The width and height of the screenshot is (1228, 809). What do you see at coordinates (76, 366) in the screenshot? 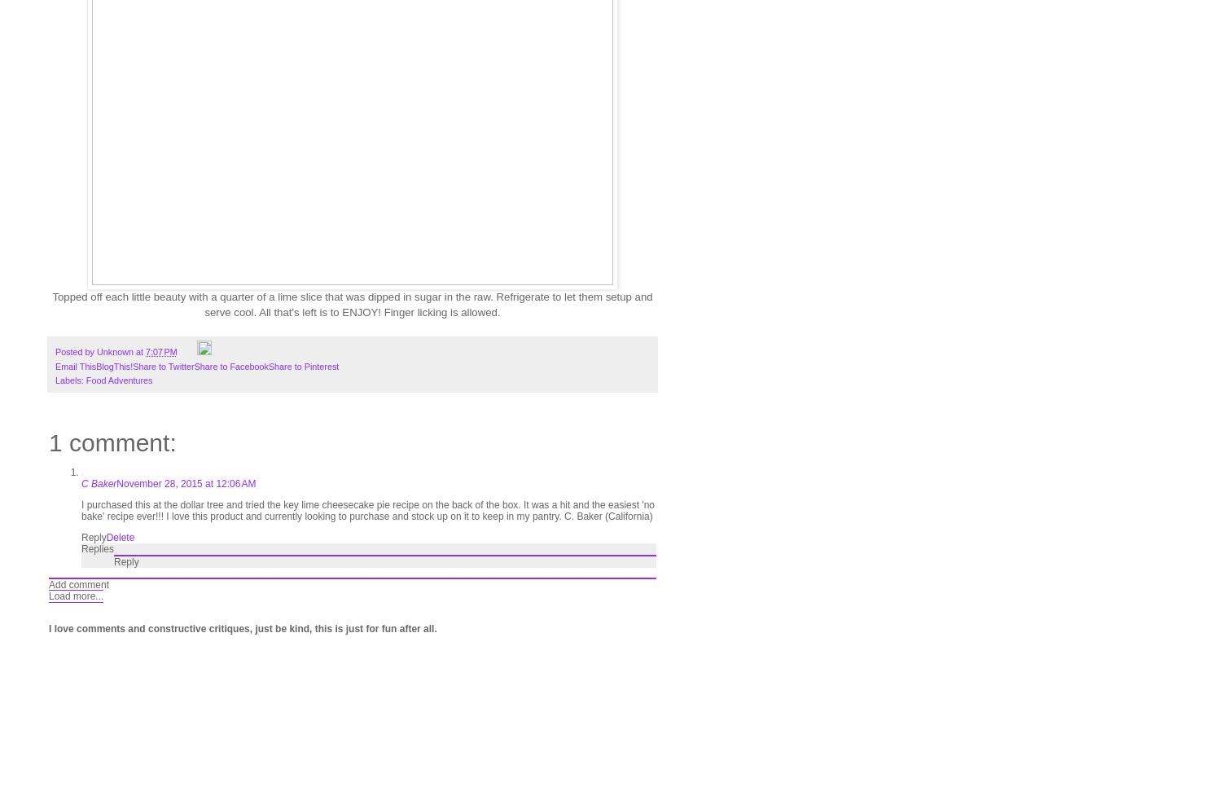
I see `'Email This'` at bounding box center [76, 366].